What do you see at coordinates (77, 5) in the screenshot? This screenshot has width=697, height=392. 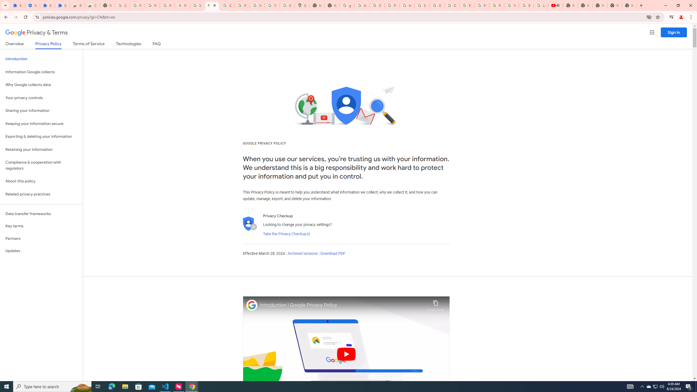 I see `'Reviews: Helix Fruit Jump Arcade Game'` at bounding box center [77, 5].